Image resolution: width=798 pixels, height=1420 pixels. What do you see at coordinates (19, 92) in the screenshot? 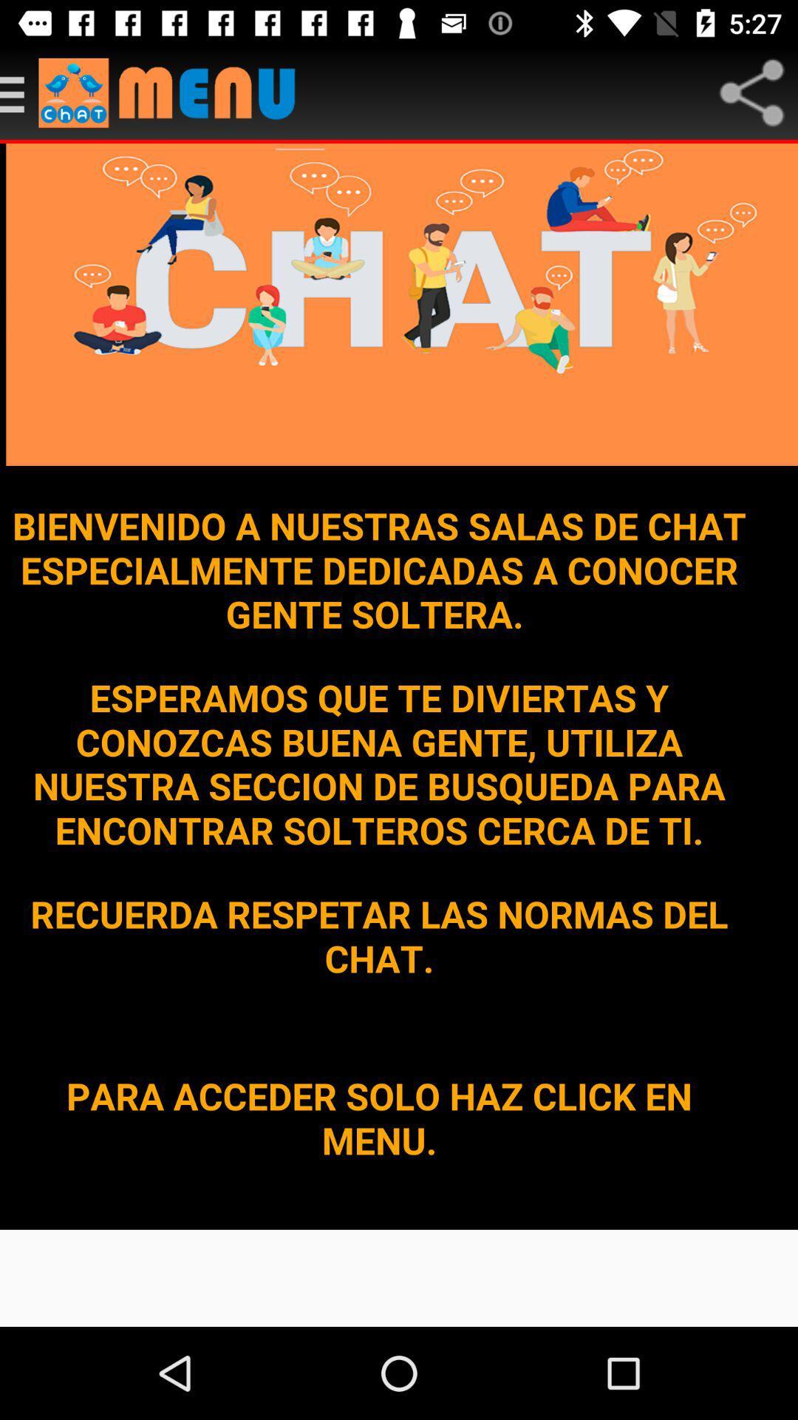
I see `menu` at bounding box center [19, 92].